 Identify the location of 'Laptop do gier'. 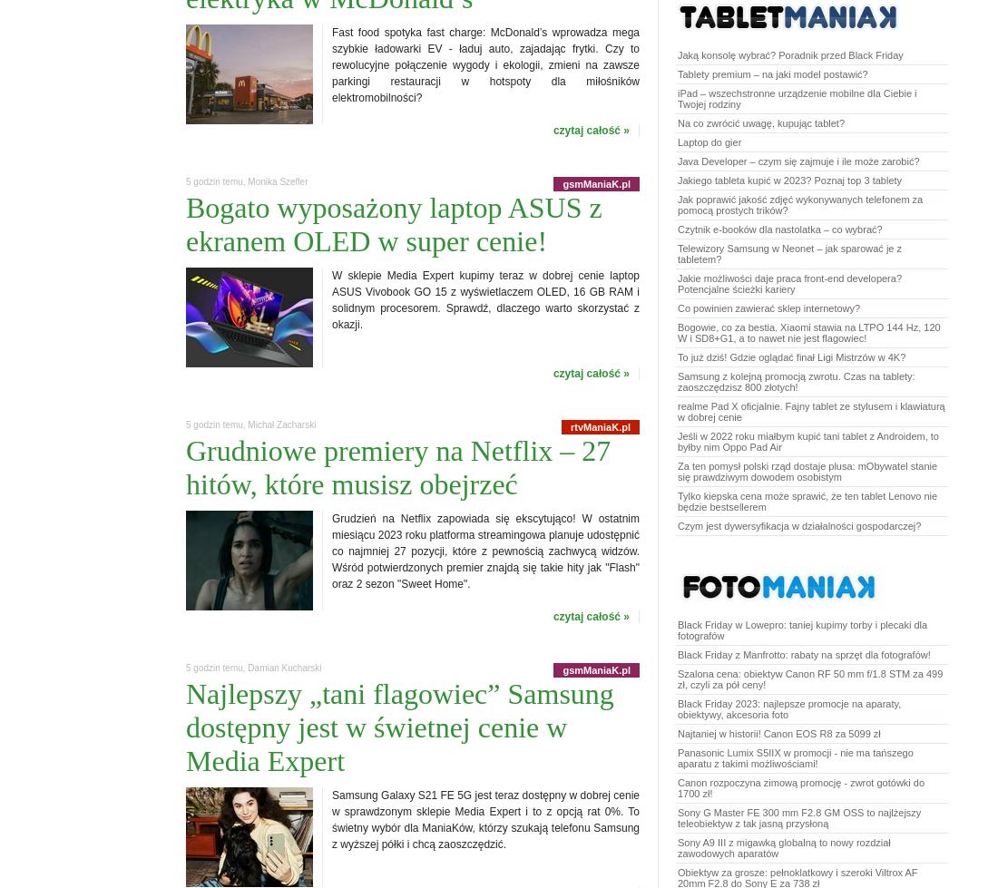
(709, 142).